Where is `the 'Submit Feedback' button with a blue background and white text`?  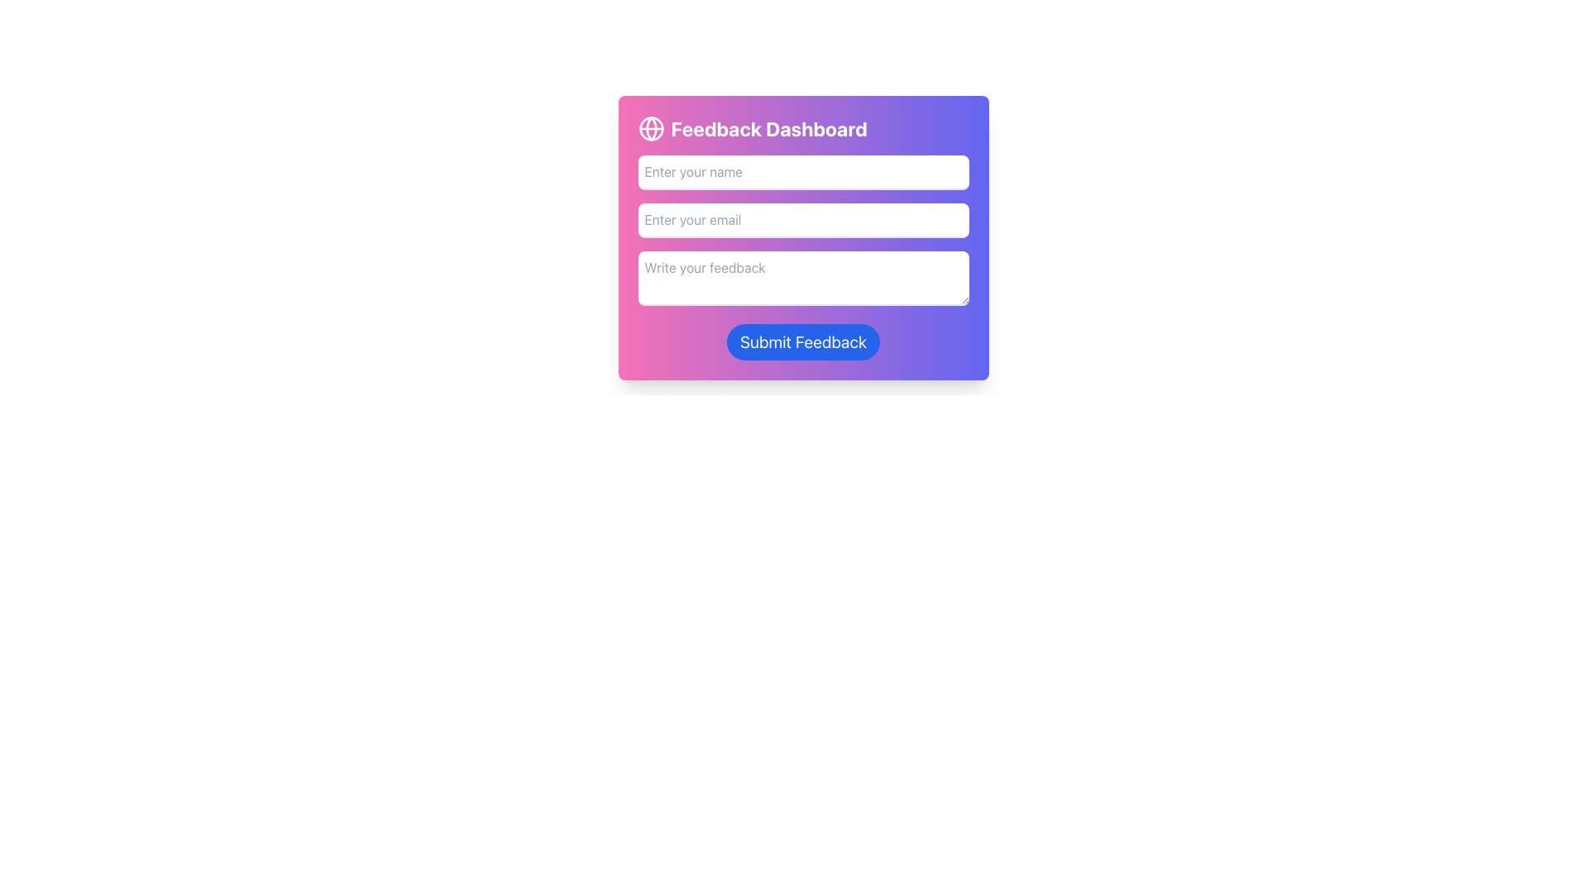
the 'Submit Feedback' button with a blue background and white text is located at coordinates (803, 341).